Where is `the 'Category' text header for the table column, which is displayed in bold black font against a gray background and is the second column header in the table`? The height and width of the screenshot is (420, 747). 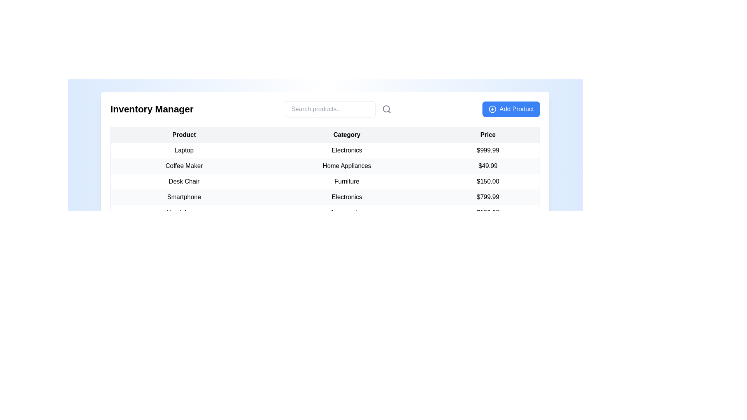 the 'Category' text header for the table column, which is displayed in bold black font against a gray background and is the second column header in the table is located at coordinates (346, 134).